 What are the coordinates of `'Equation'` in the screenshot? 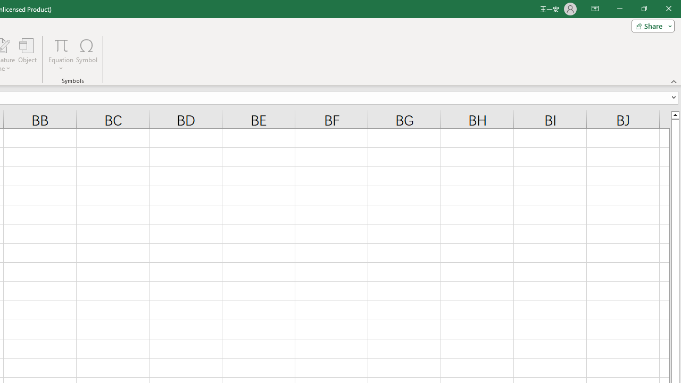 It's located at (61, 55).